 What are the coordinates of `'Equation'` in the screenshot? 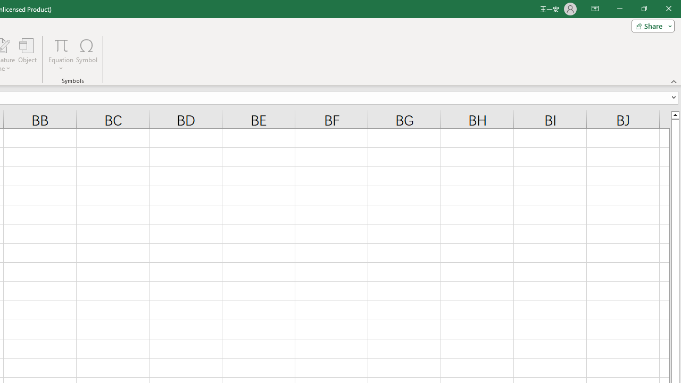 It's located at (61, 55).